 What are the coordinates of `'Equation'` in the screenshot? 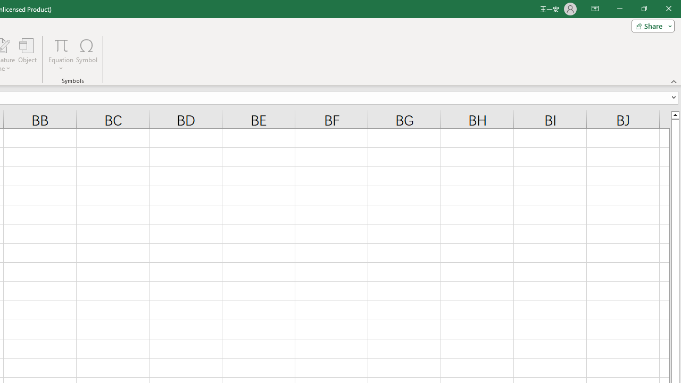 It's located at (61, 55).